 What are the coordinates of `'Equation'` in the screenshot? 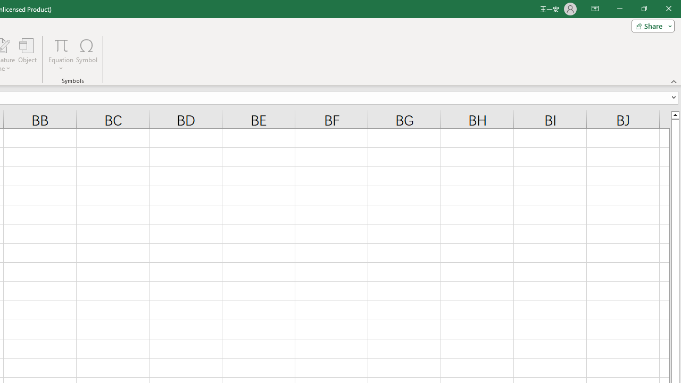 It's located at (61, 55).